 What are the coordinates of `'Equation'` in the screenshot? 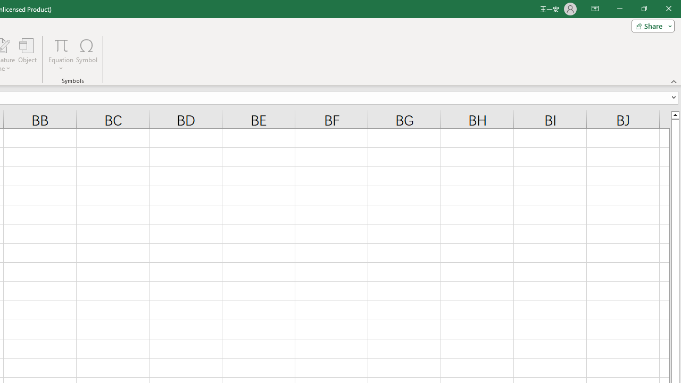 It's located at (61, 55).